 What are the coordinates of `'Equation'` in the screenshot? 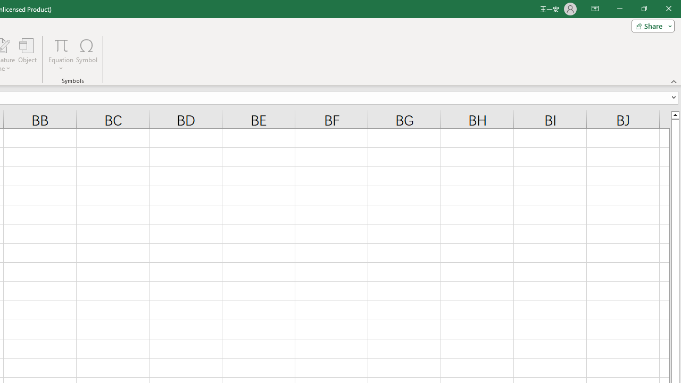 It's located at (61, 55).